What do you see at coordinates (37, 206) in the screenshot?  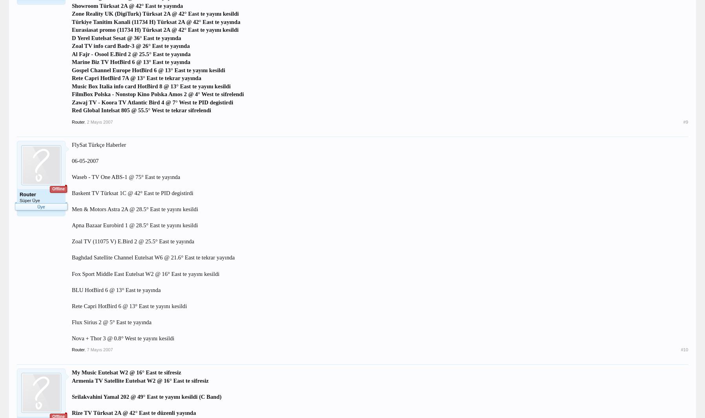 I see `'Üye'` at bounding box center [37, 206].